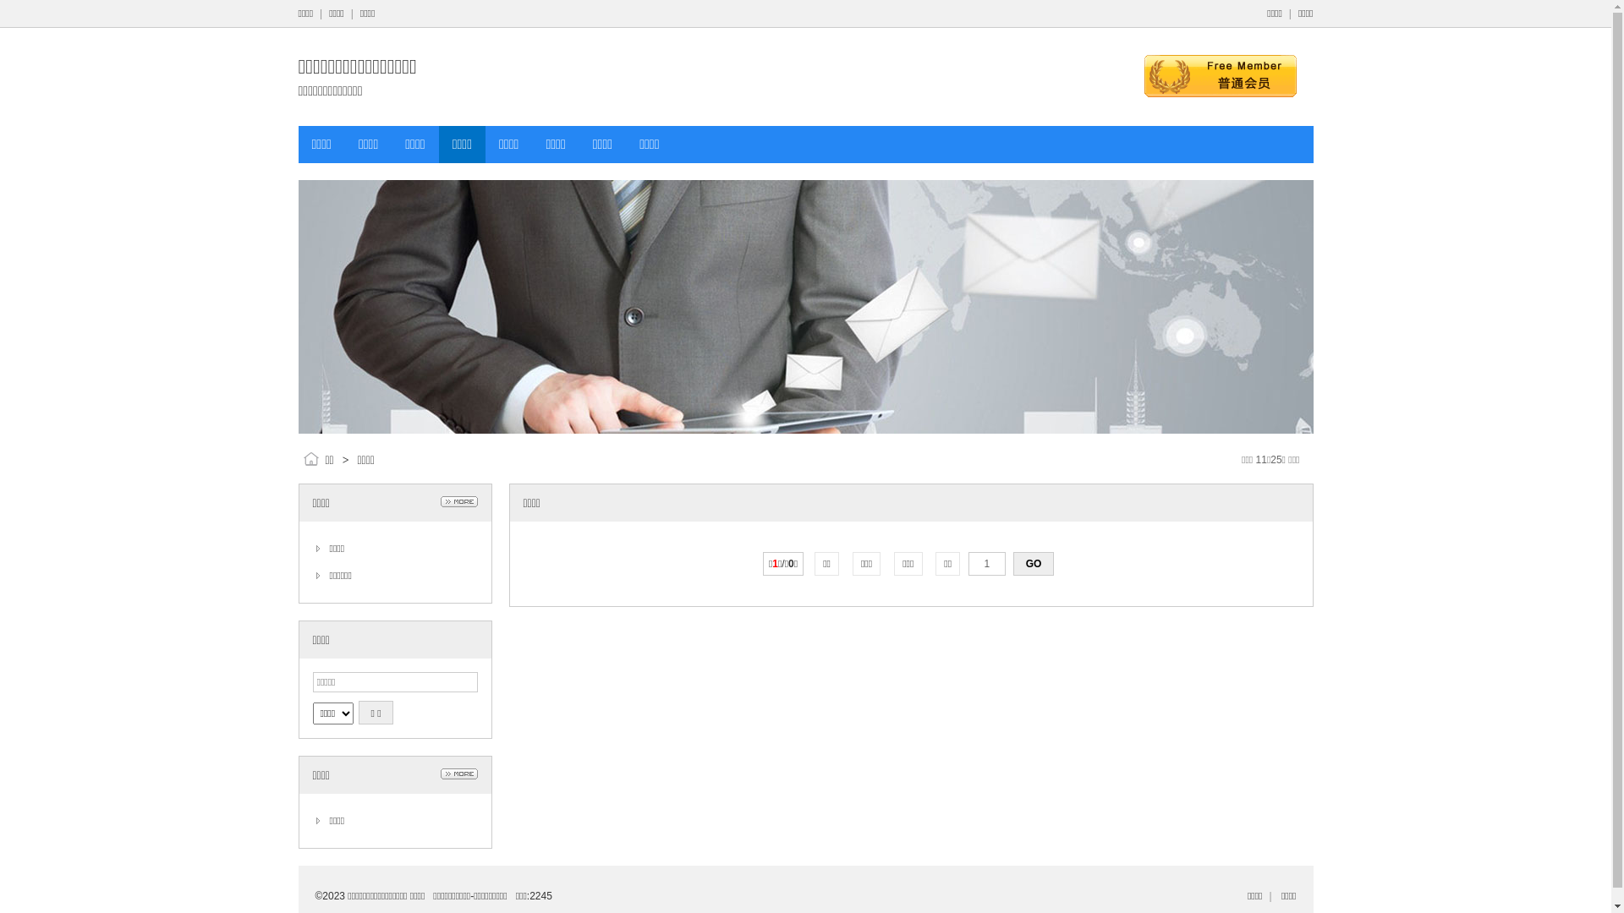 The width and height of the screenshot is (1624, 913). Describe the element at coordinates (1013, 564) in the screenshot. I see `'GO'` at that location.